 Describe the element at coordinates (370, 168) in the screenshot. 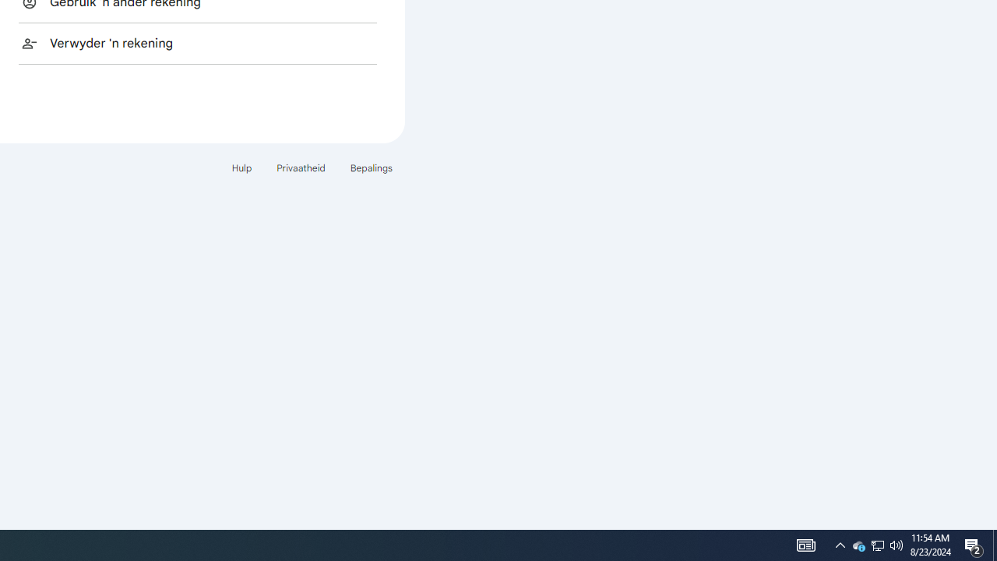

I see `'Bepalings'` at that location.